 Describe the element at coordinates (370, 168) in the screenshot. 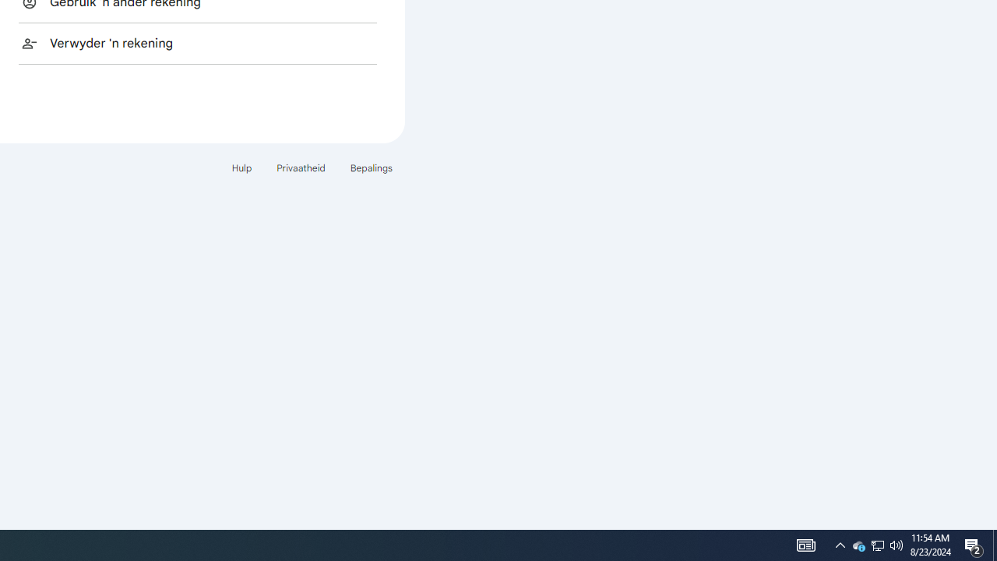

I see `'Bepalings'` at that location.